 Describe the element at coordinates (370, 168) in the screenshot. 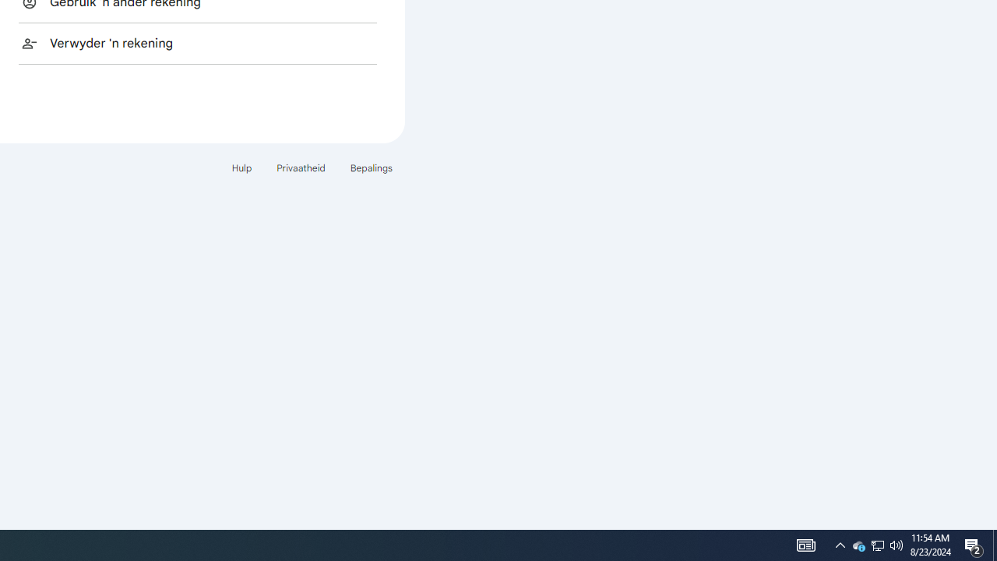

I see `'Bepalings'` at that location.